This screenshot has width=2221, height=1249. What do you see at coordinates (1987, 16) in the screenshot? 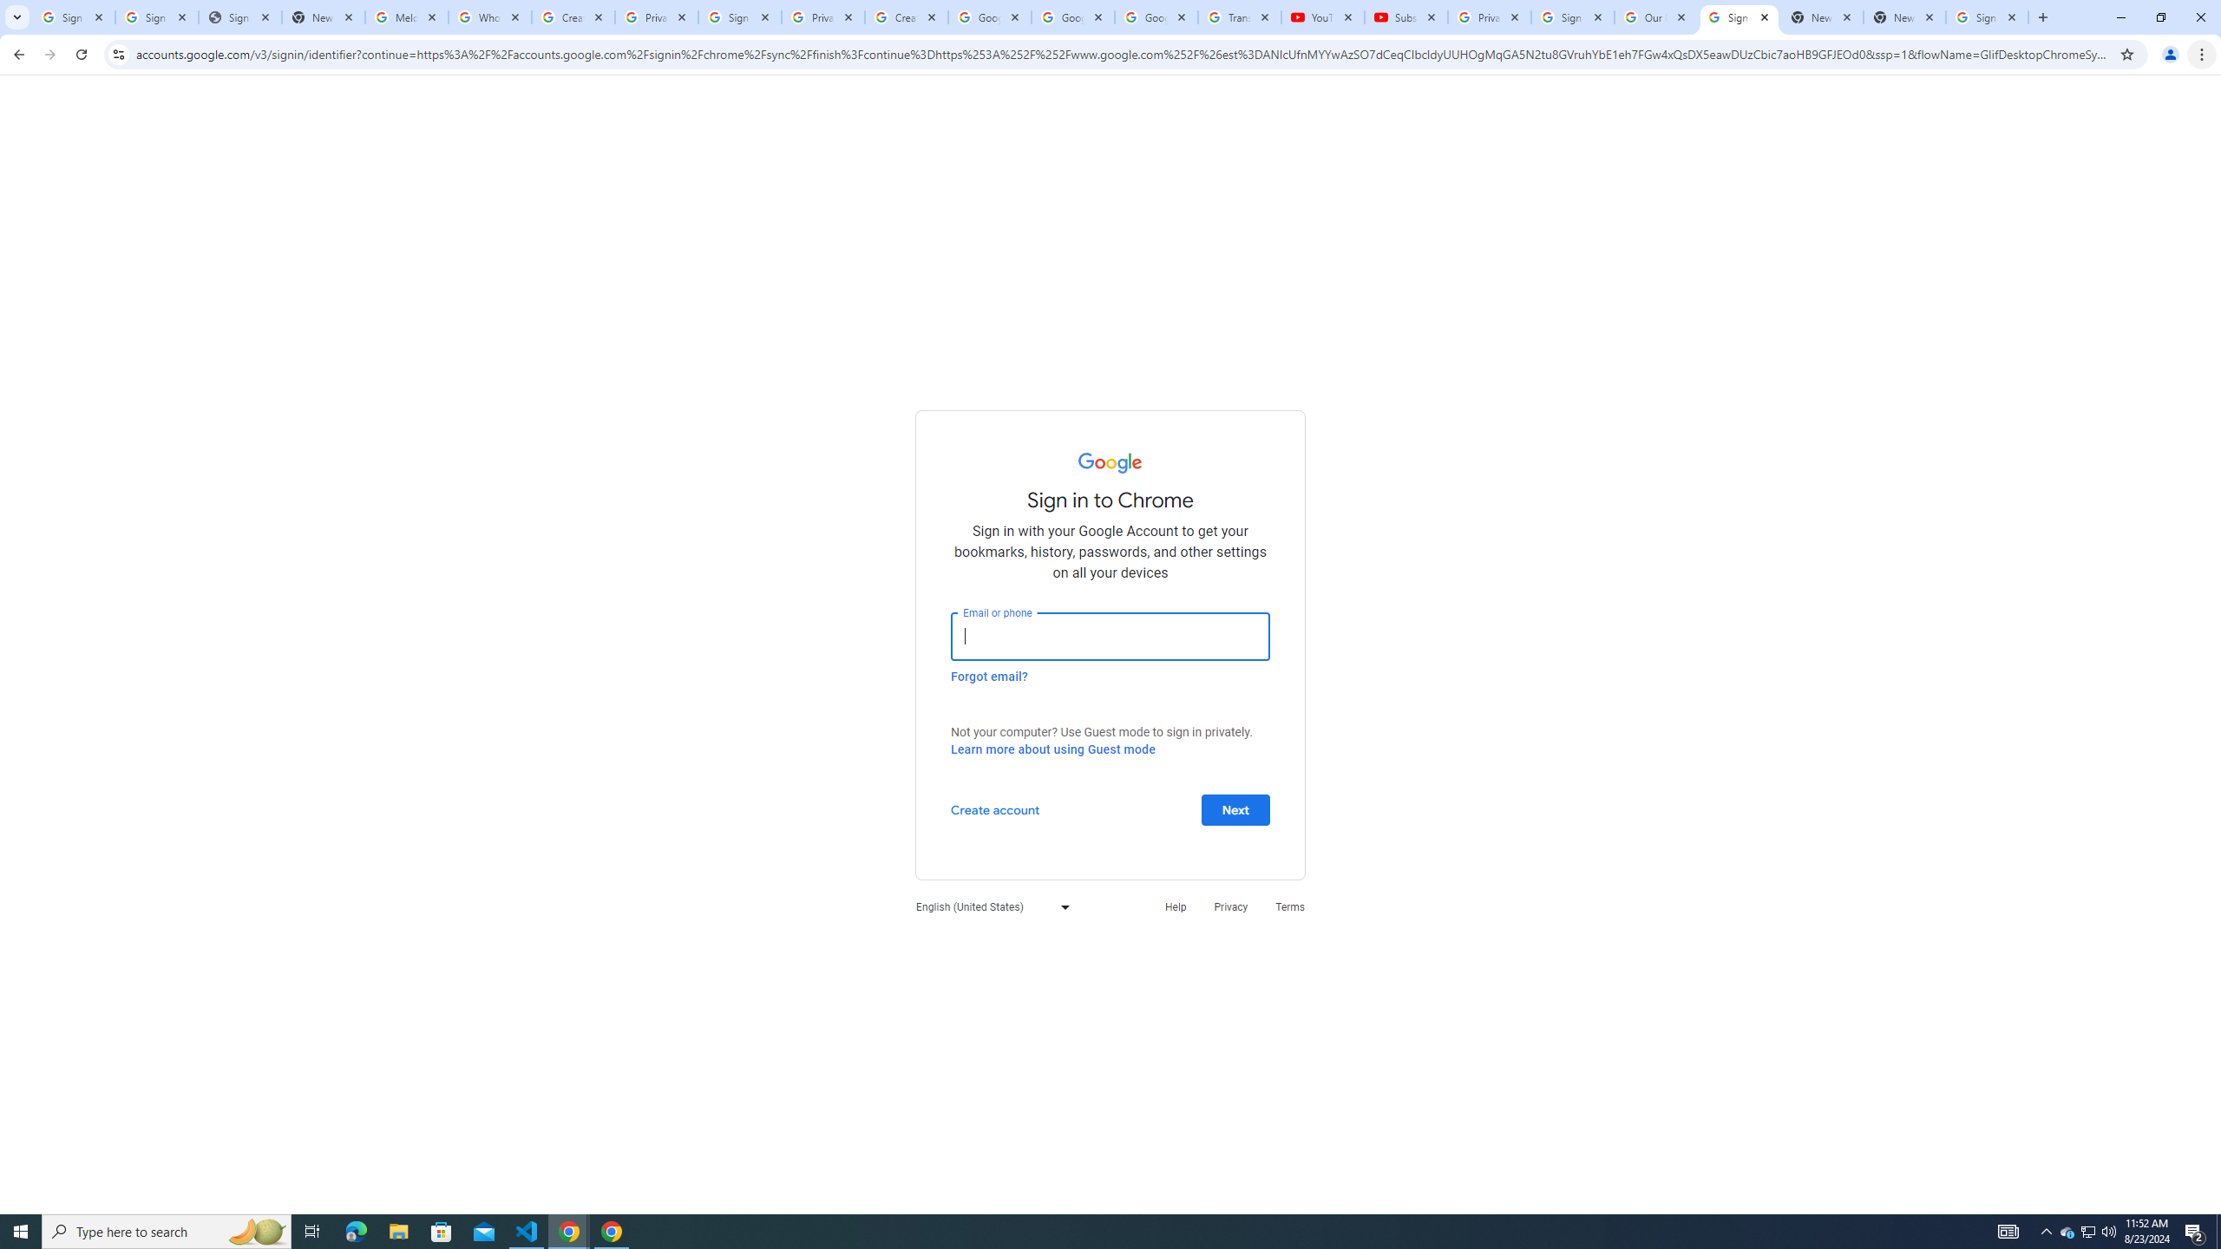
I see `'Sign in - Google Accounts'` at bounding box center [1987, 16].